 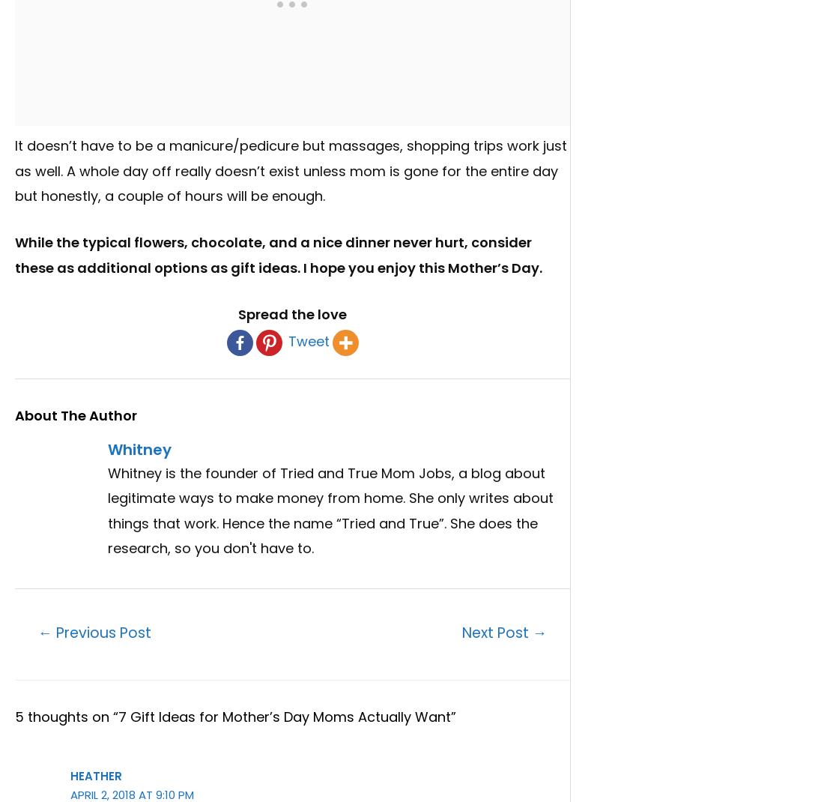 I want to click on 'Previous Post', so click(x=100, y=632).